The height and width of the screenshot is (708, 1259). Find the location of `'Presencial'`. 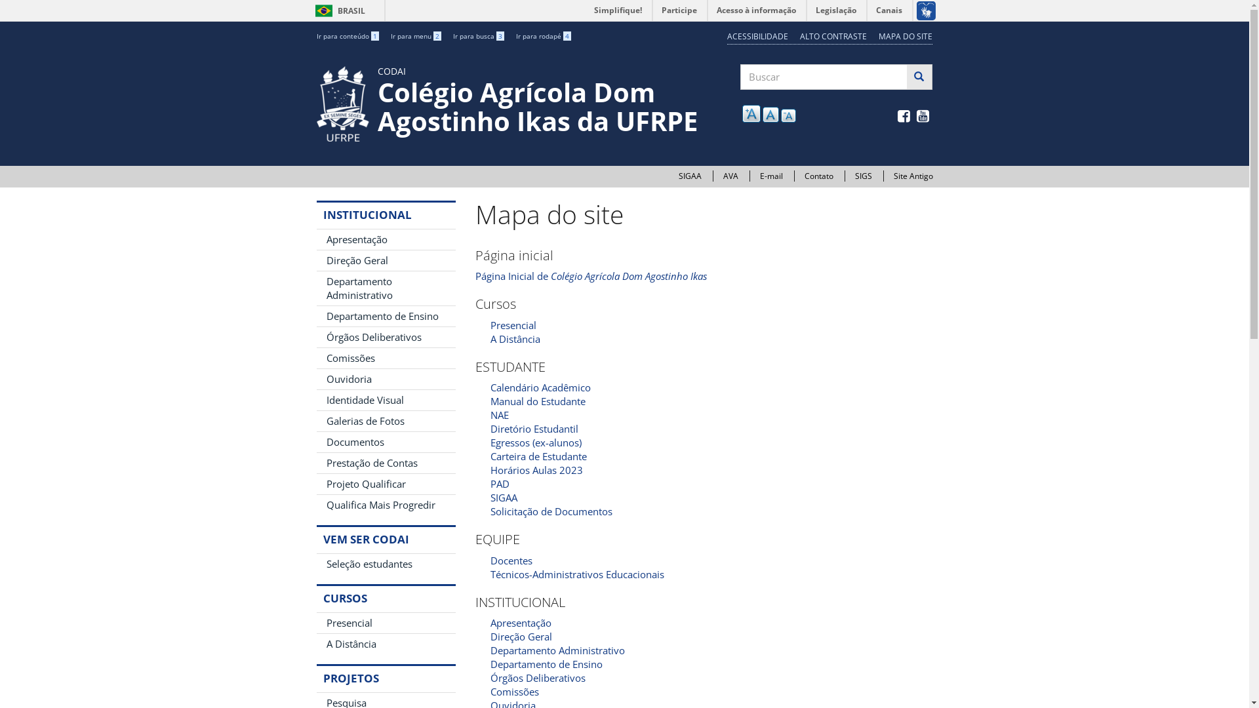

'Presencial' is located at coordinates (385, 622).